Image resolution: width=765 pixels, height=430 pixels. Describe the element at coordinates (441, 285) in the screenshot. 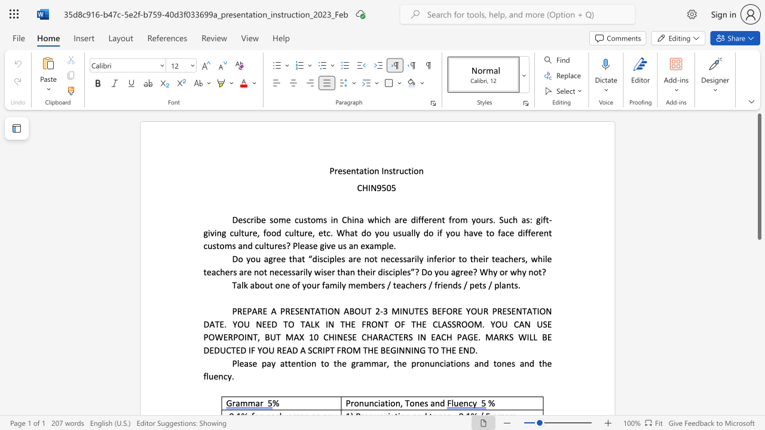

I see `the 2th character "i" in the text` at that location.